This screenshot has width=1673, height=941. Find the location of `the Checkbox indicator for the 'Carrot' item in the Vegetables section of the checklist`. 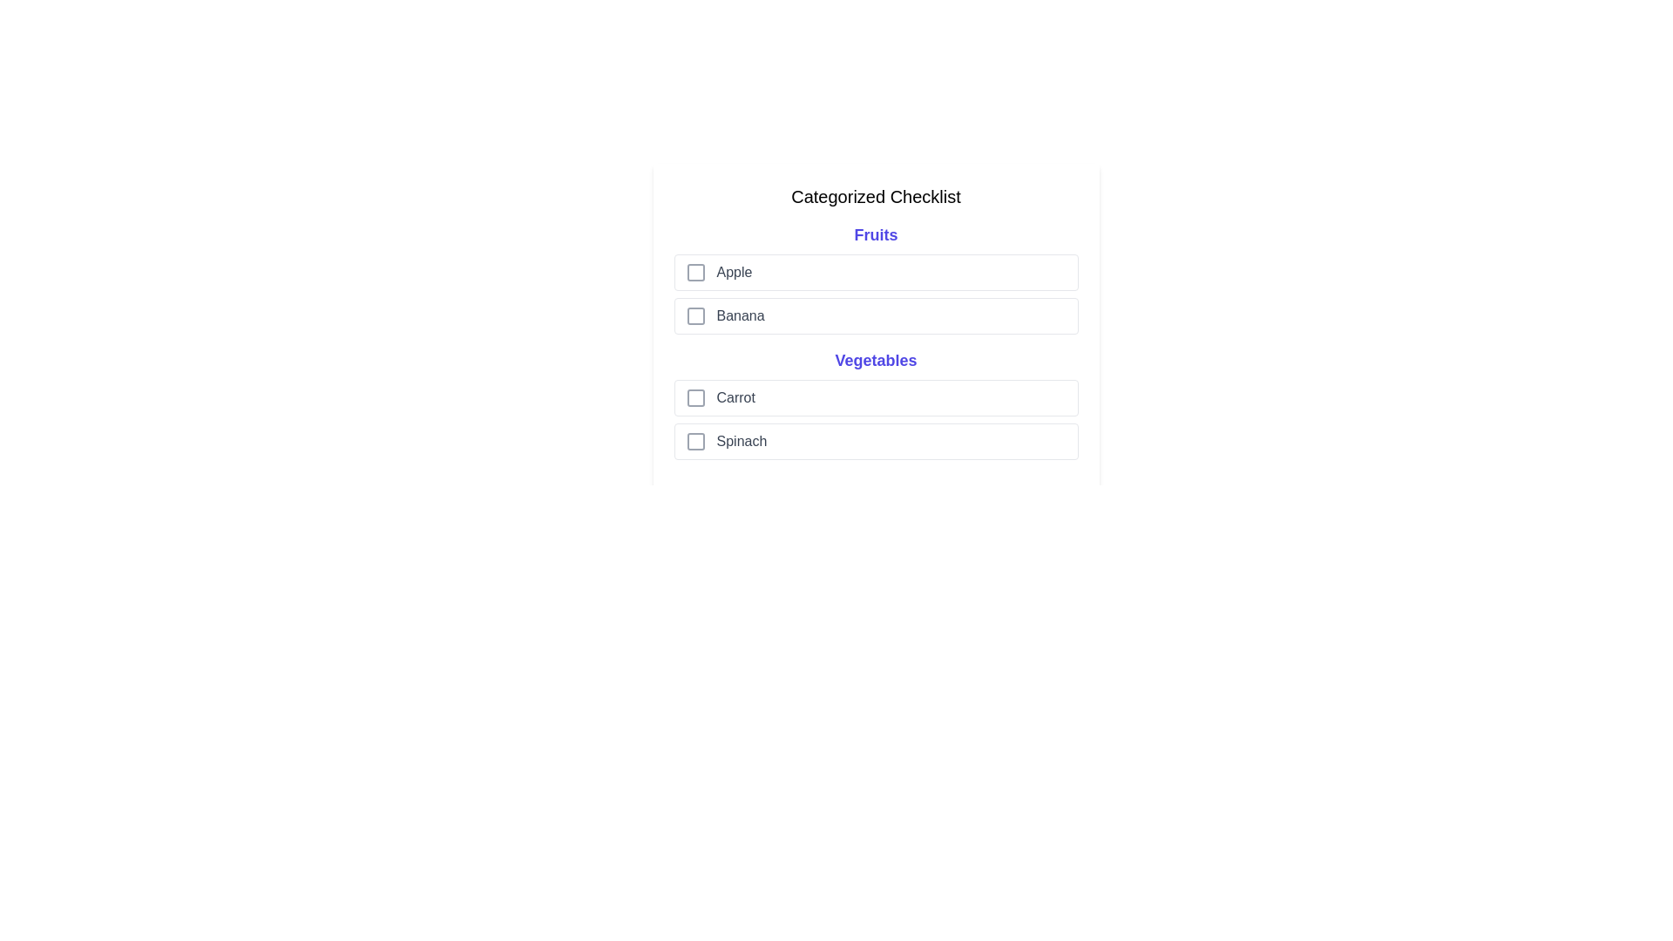

the Checkbox indicator for the 'Carrot' item in the Vegetables section of the checklist is located at coordinates (694, 397).